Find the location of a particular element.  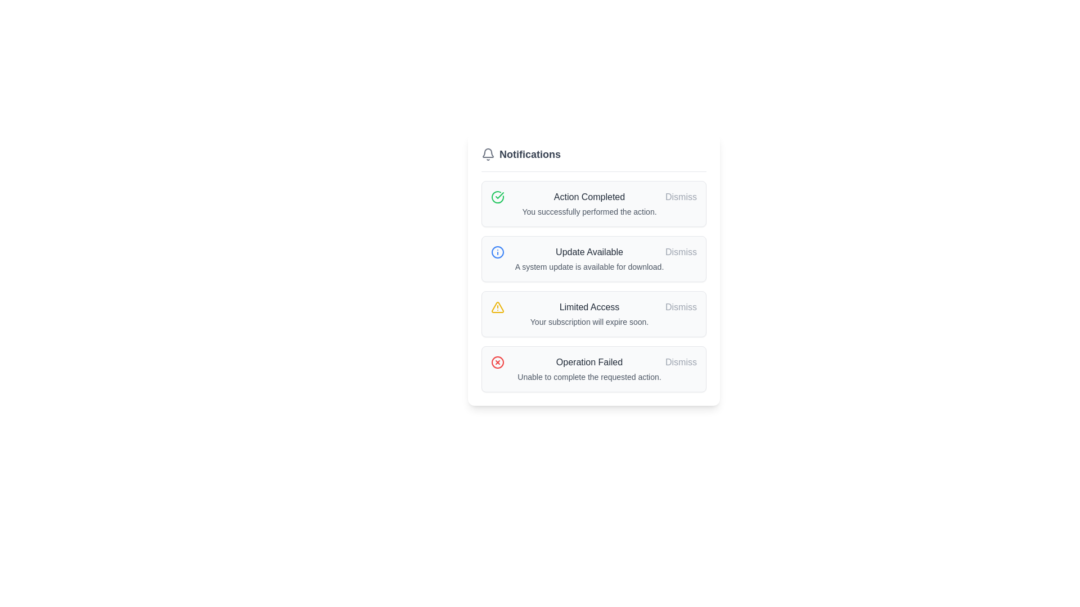

the Notification component that displays 'Limited Access' and 'Your subscription will expire soon.' in a notification list under 'Notifications' is located at coordinates (588, 314).